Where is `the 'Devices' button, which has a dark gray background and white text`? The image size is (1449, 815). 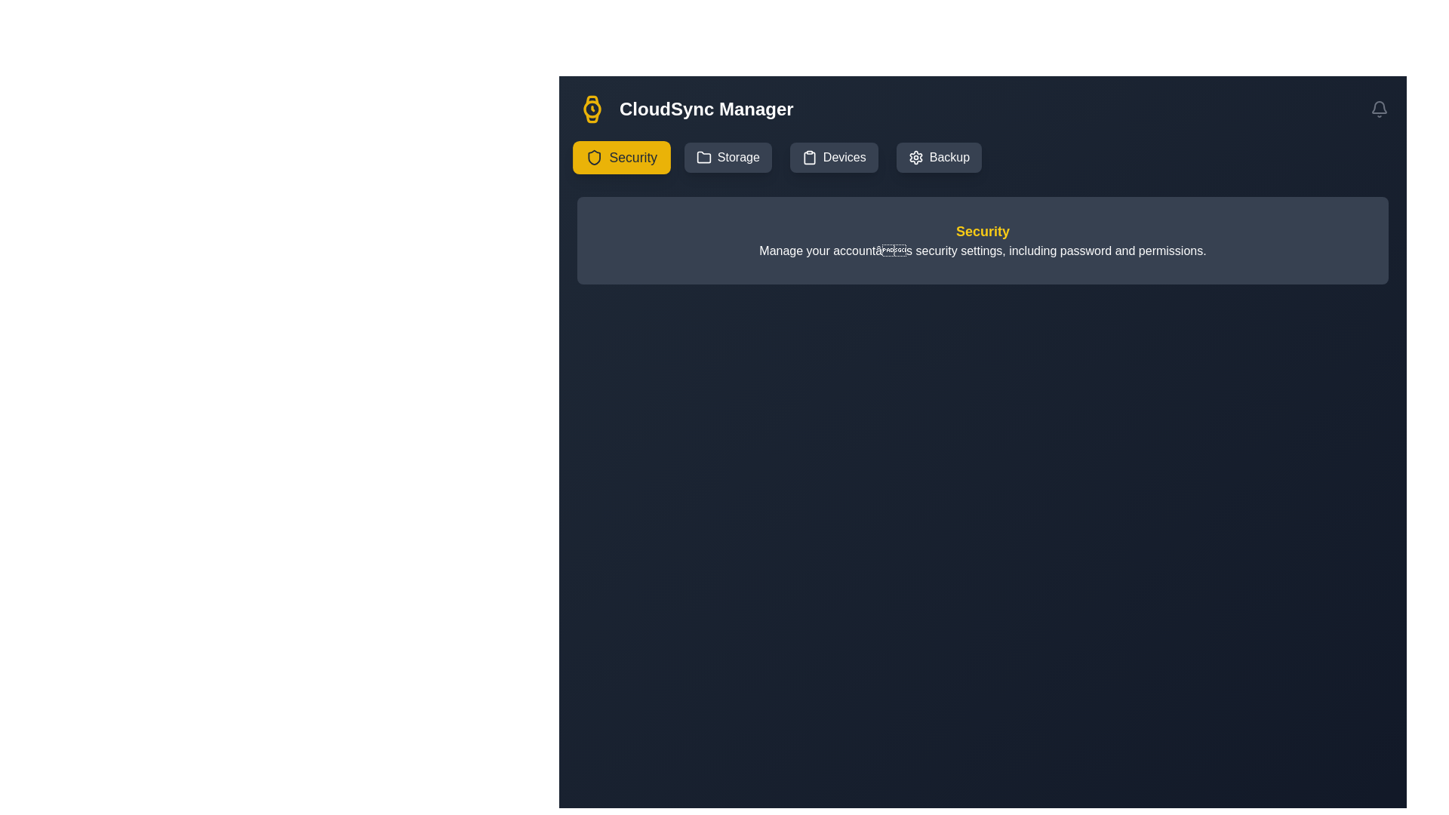 the 'Devices' button, which has a dark gray background and white text is located at coordinates (833, 157).